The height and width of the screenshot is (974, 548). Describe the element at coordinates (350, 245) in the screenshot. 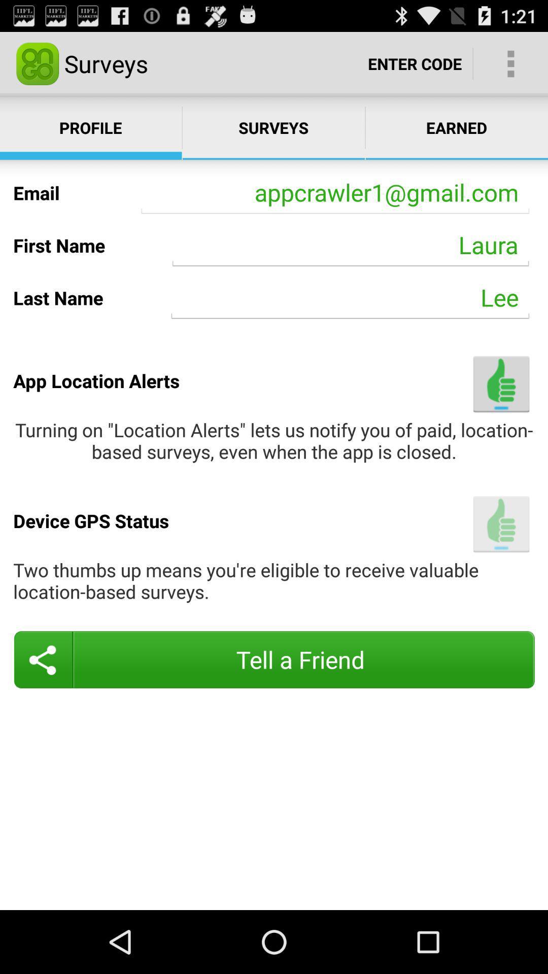

I see `laura icon` at that location.